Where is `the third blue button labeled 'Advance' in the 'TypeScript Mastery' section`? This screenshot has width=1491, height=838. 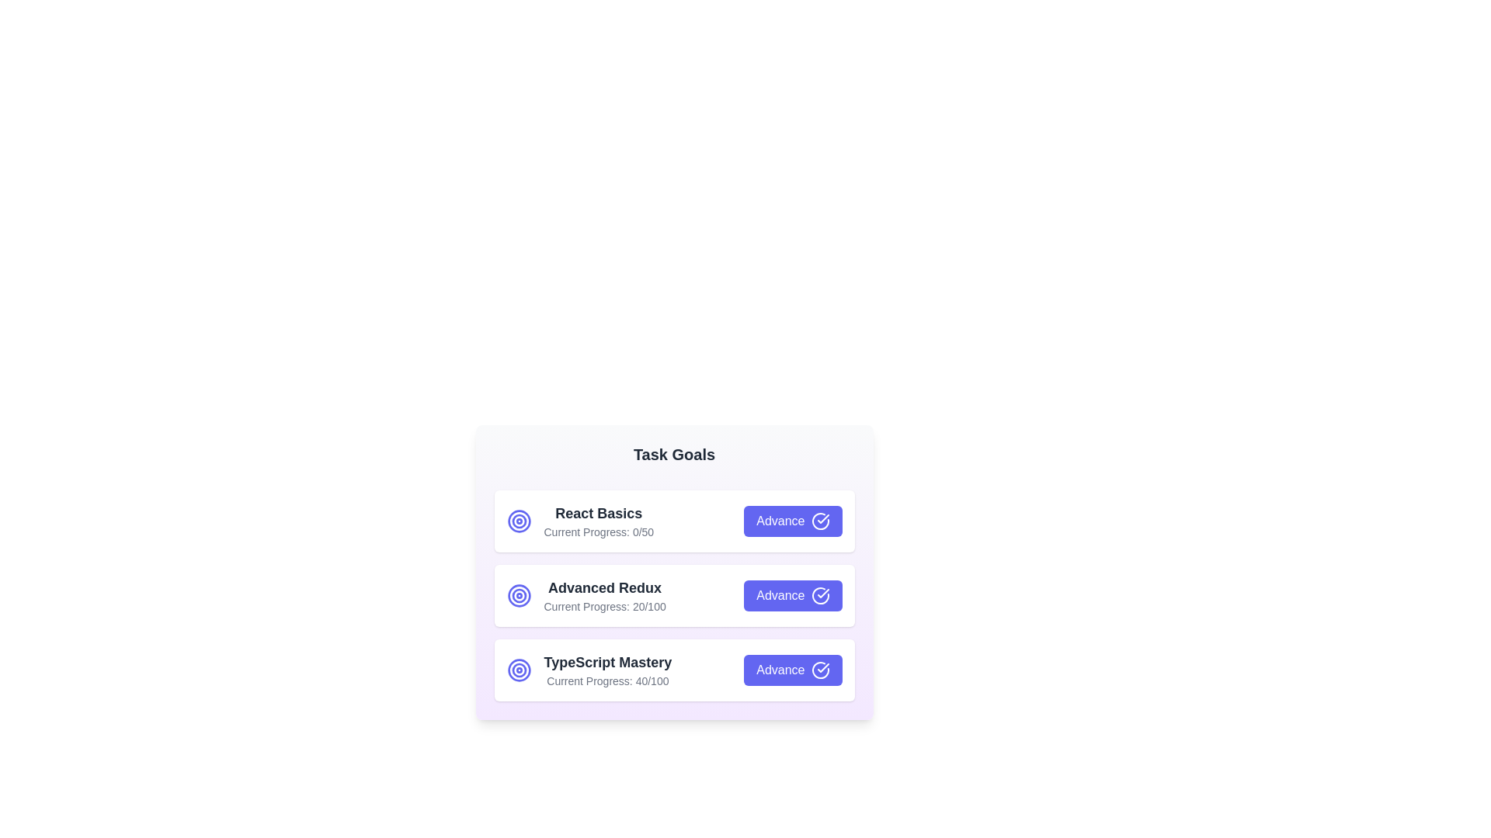 the third blue button labeled 'Advance' in the 'TypeScript Mastery' section is located at coordinates (793, 670).